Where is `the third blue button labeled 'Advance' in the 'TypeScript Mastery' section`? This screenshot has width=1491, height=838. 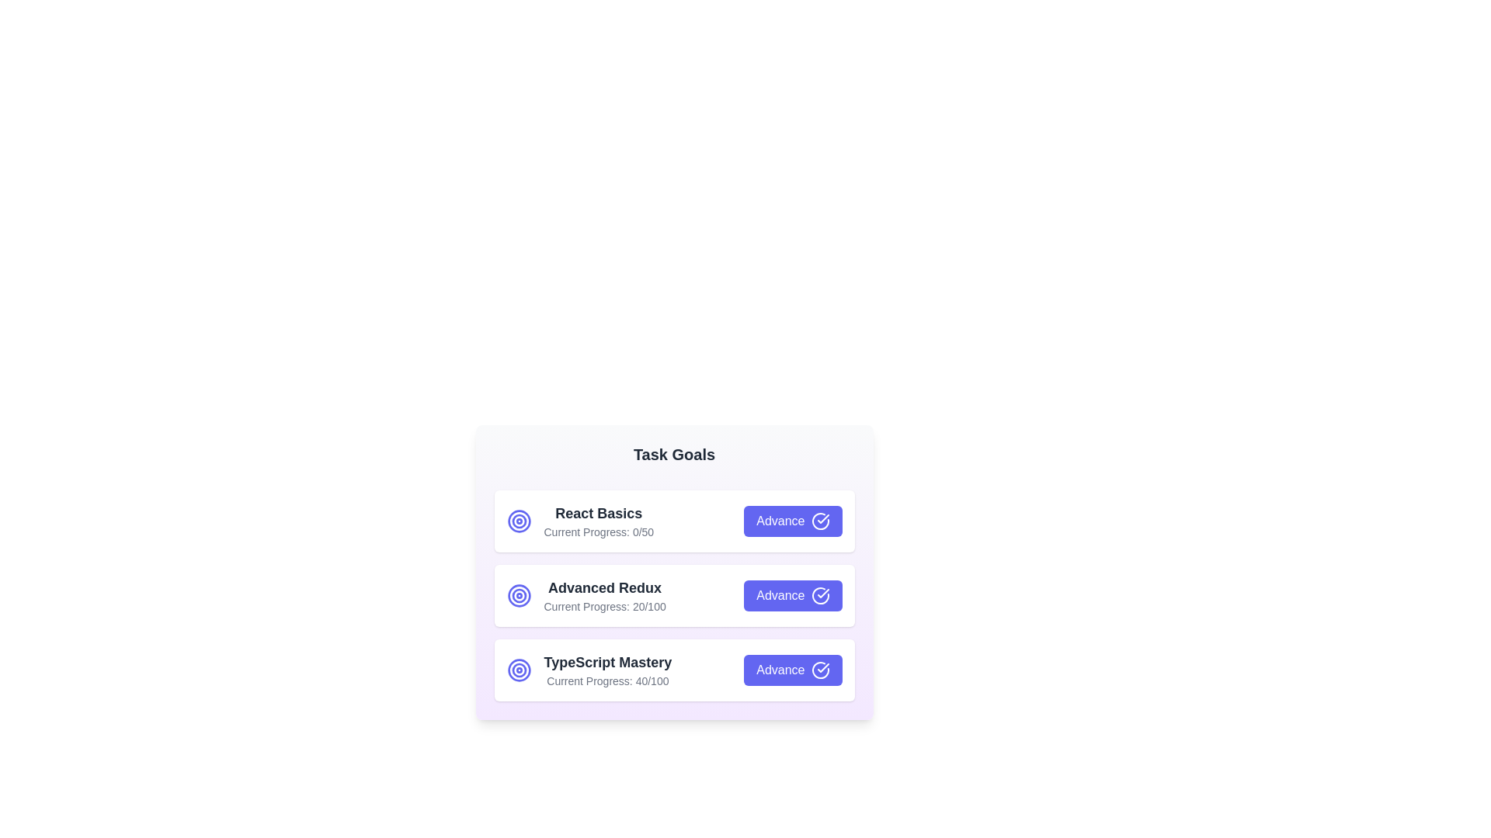 the third blue button labeled 'Advance' in the 'TypeScript Mastery' section is located at coordinates (793, 670).